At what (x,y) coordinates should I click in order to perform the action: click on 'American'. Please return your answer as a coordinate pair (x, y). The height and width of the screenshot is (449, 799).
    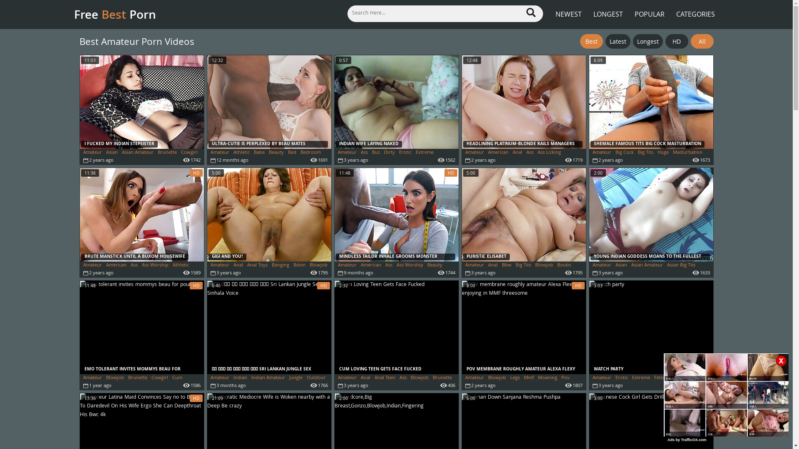
    Looking at the image, I should click on (498, 153).